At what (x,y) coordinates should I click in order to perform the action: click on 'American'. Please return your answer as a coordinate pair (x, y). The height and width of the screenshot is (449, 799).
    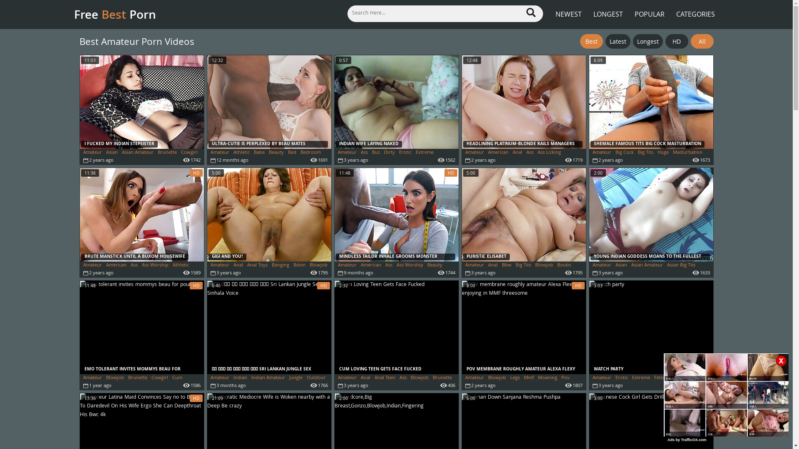
    Looking at the image, I should click on (498, 153).